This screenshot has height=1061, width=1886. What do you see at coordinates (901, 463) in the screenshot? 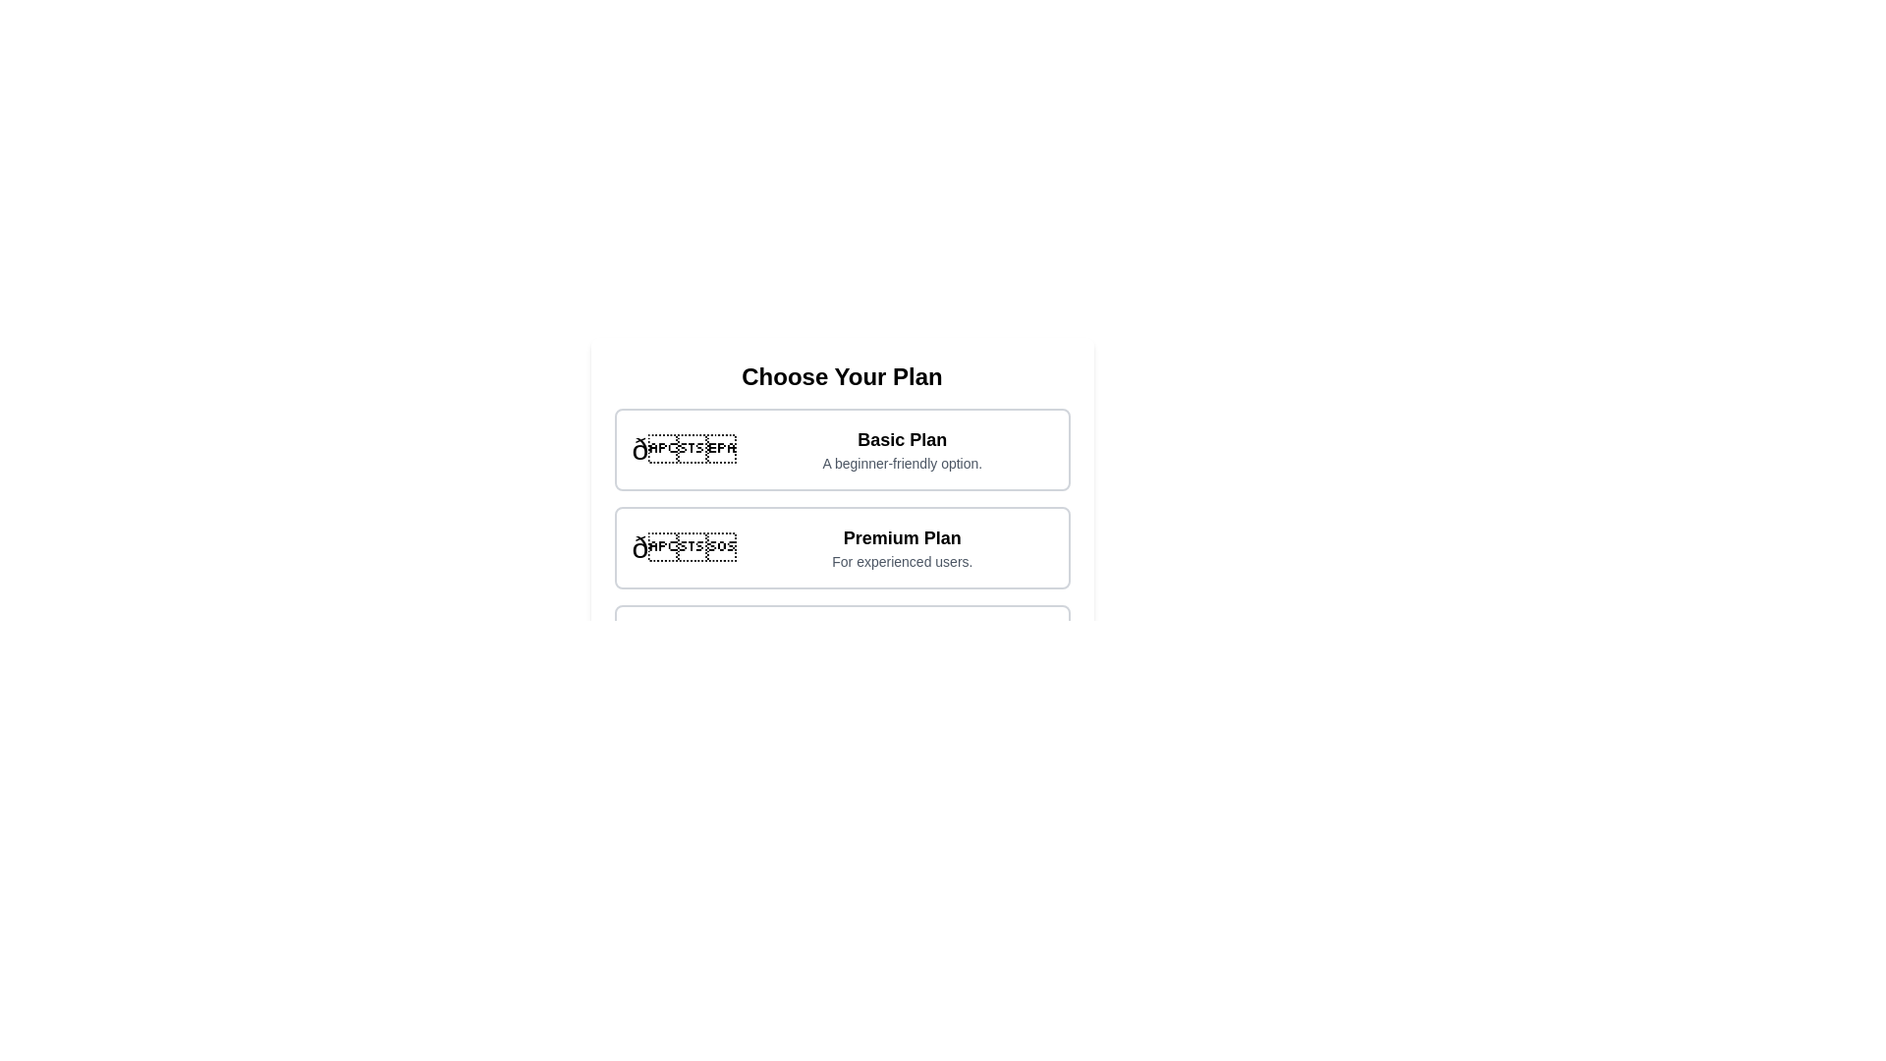
I see `the text label that reads 'A beginner-friendly option.' located below the heading 'Basic Plan' in the subscription options card layout` at bounding box center [901, 463].